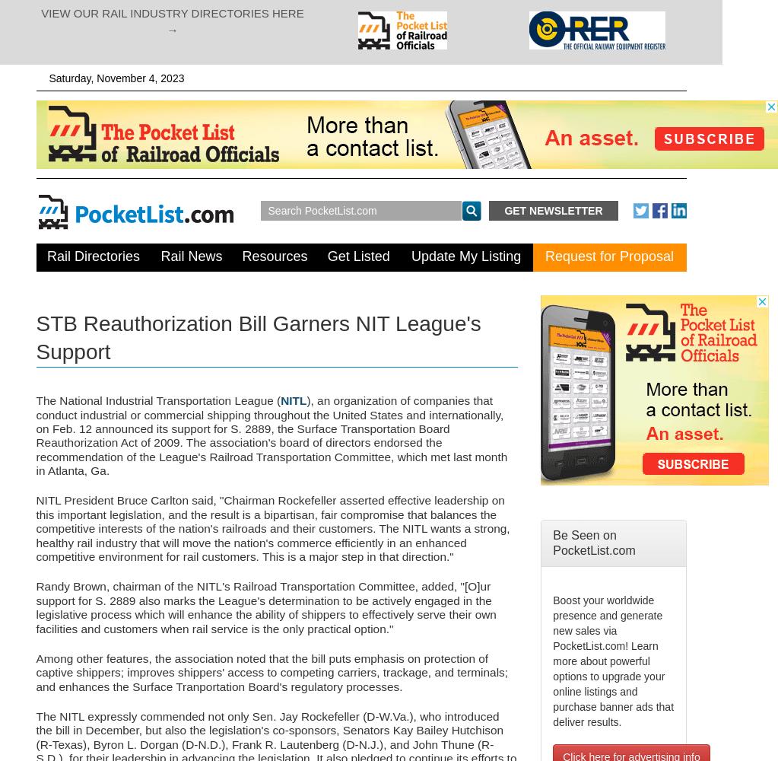 The image size is (778, 761). Describe the element at coordinates (258, 336) in the screenshot. I see `'STB Reauthorization Bill Garners NIT League's Support'` at that location.